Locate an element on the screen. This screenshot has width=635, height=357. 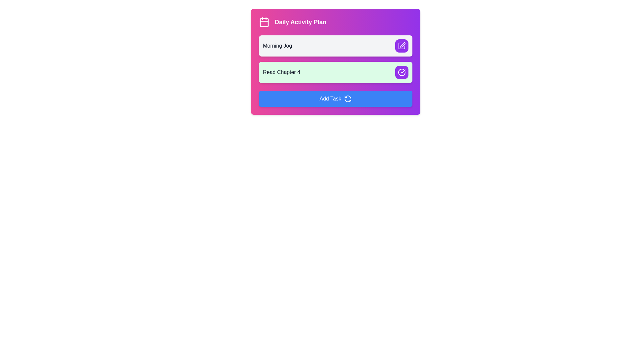
the tick mark icon within the circular checkmark icon located on the right side of the 'Read Chapter 4' task entry is located at coordinates (402, 71).